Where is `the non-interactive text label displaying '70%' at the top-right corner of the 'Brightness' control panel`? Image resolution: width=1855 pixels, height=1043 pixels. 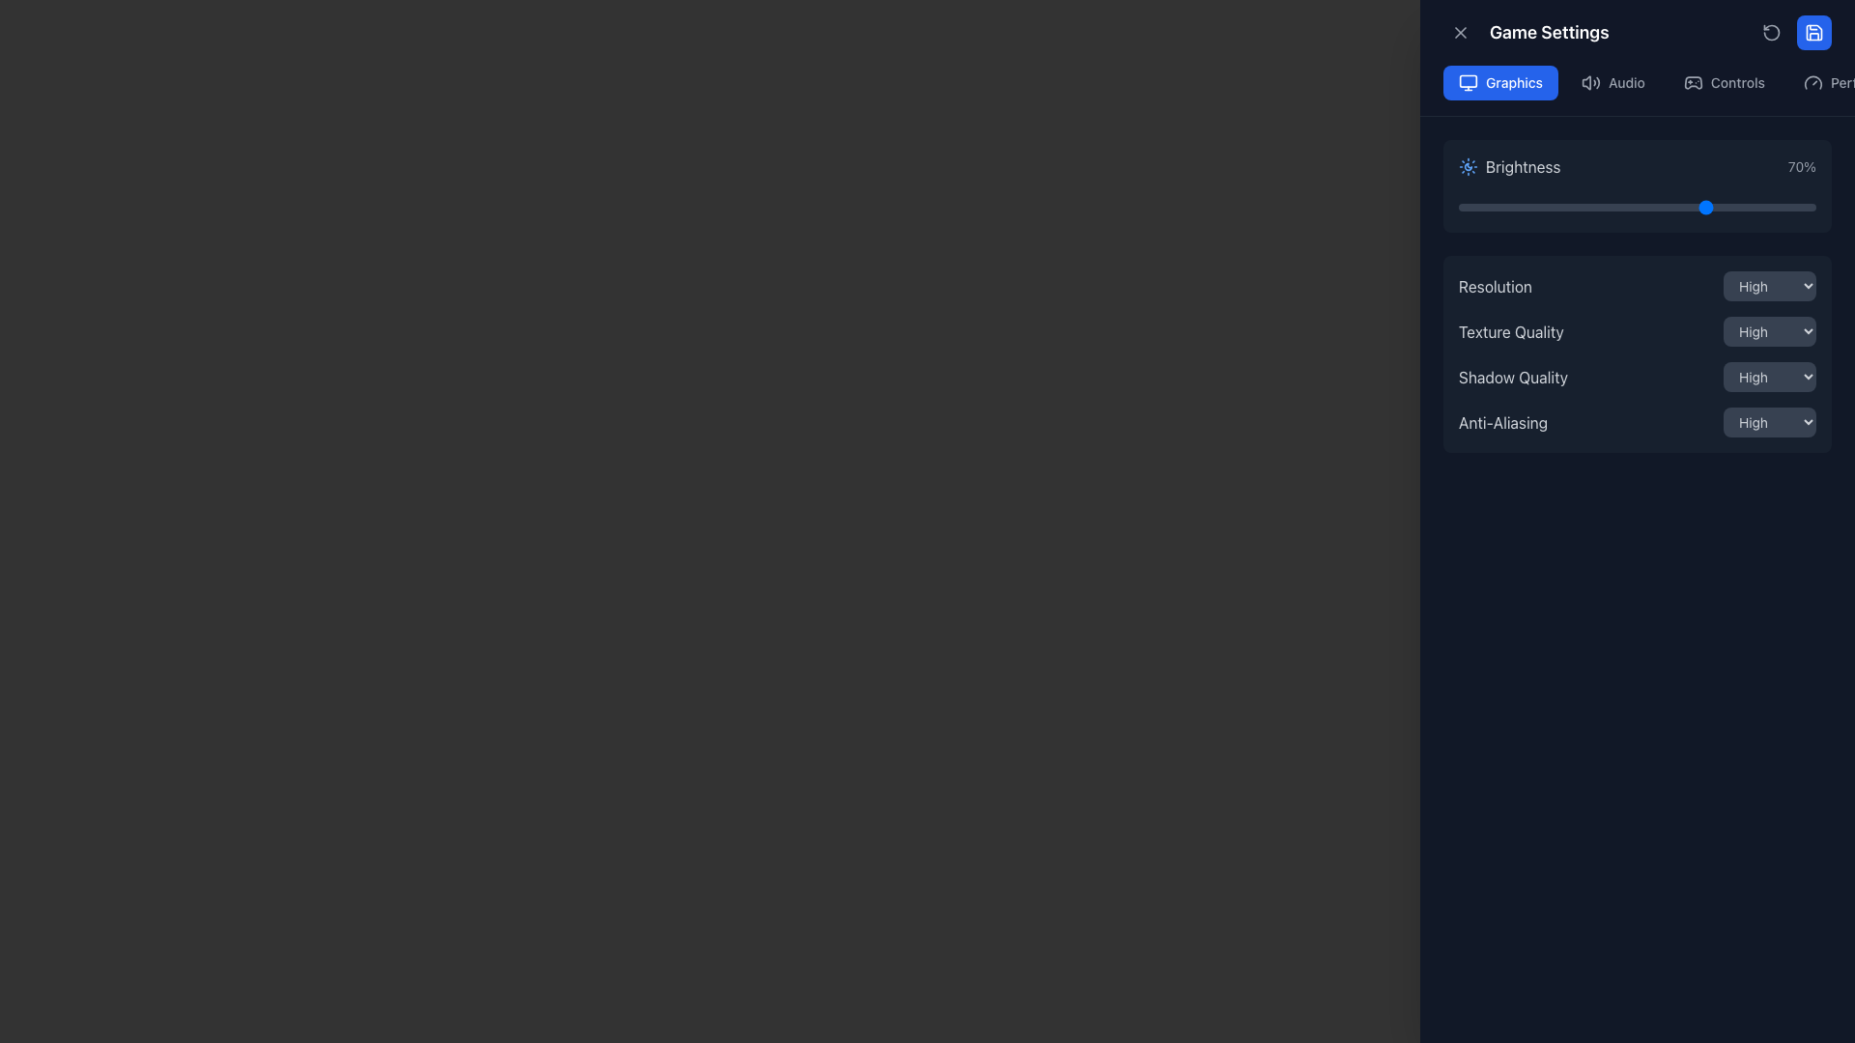
the non-interactive text label displaying '70%' at the top-right corner of the 'Brightness' control panel is located at coordinates (1801, 166).